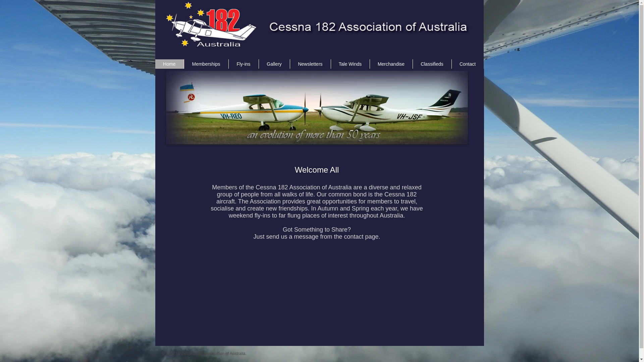 This screenshot has width=644, height=362. I want to click on 'Merchandise', so click(391, 64).